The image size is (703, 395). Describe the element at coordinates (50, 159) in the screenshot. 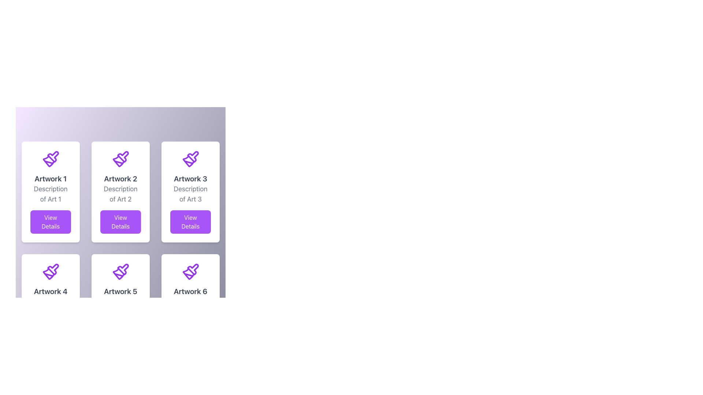

I see `the artwork icon for the card titled 'Artwork 1', which is positioned at the center-top of the card above the text and button` at that location.